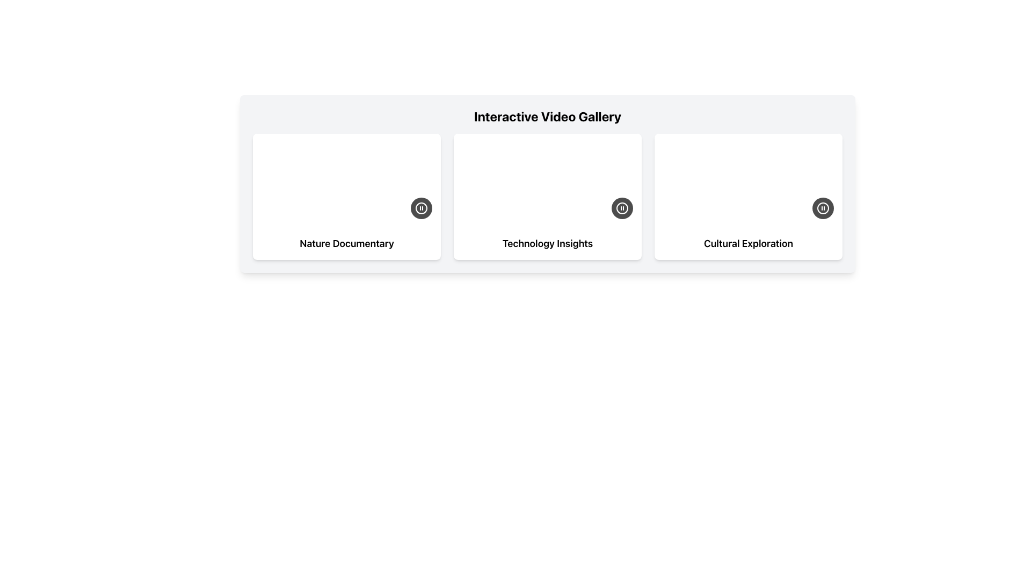 This screenshot has height=580, width=1031. Describe the element at coordinates (622, 208) in the screenshot. I see `the pause button located at the bottom-right corner of the 'Technology Insights' video panel` at that location.